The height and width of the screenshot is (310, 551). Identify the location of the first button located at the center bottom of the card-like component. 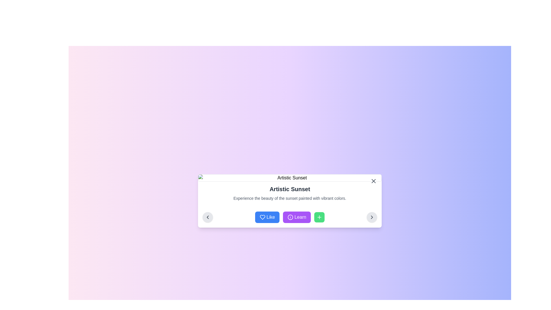
(267, 217).